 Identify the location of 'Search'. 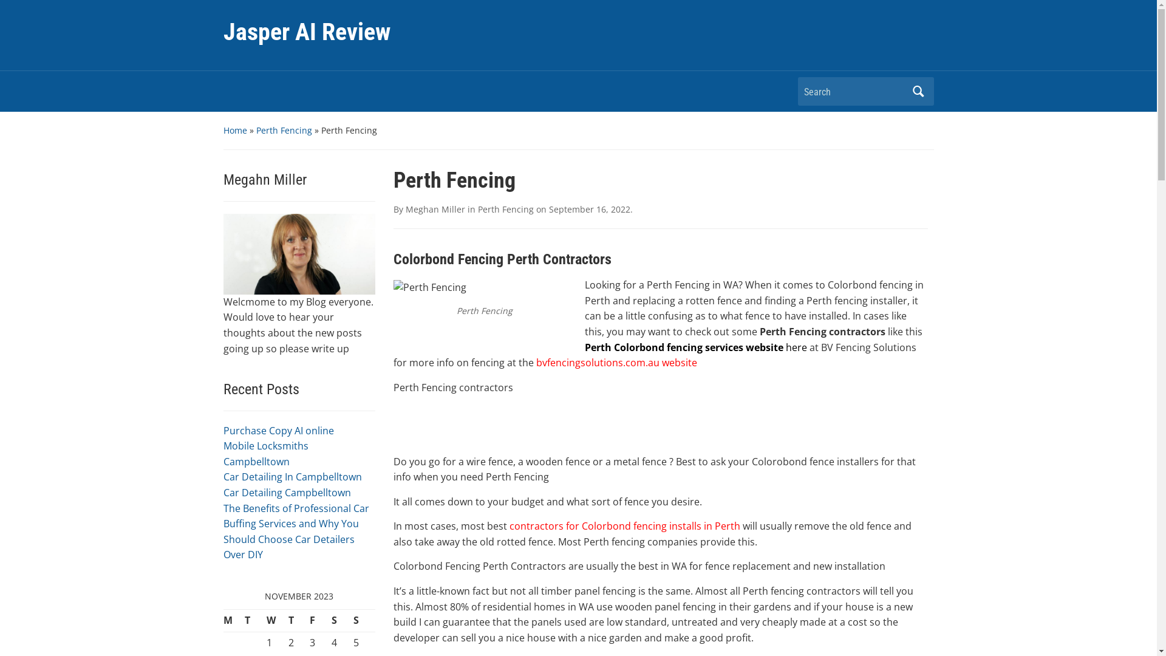
(918, 91).